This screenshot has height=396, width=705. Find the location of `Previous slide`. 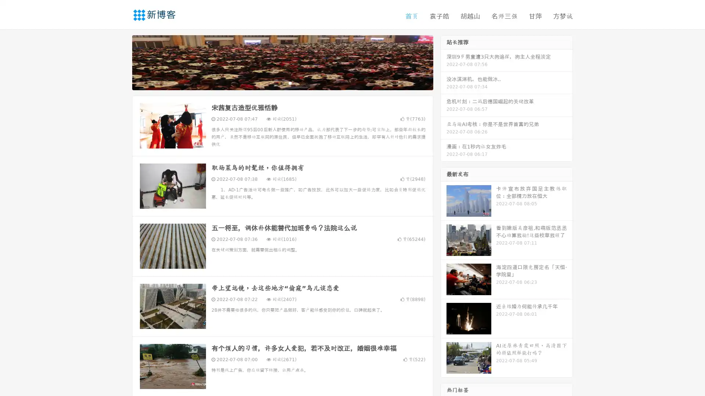

Previous slide is located at coordinates (121, 62).